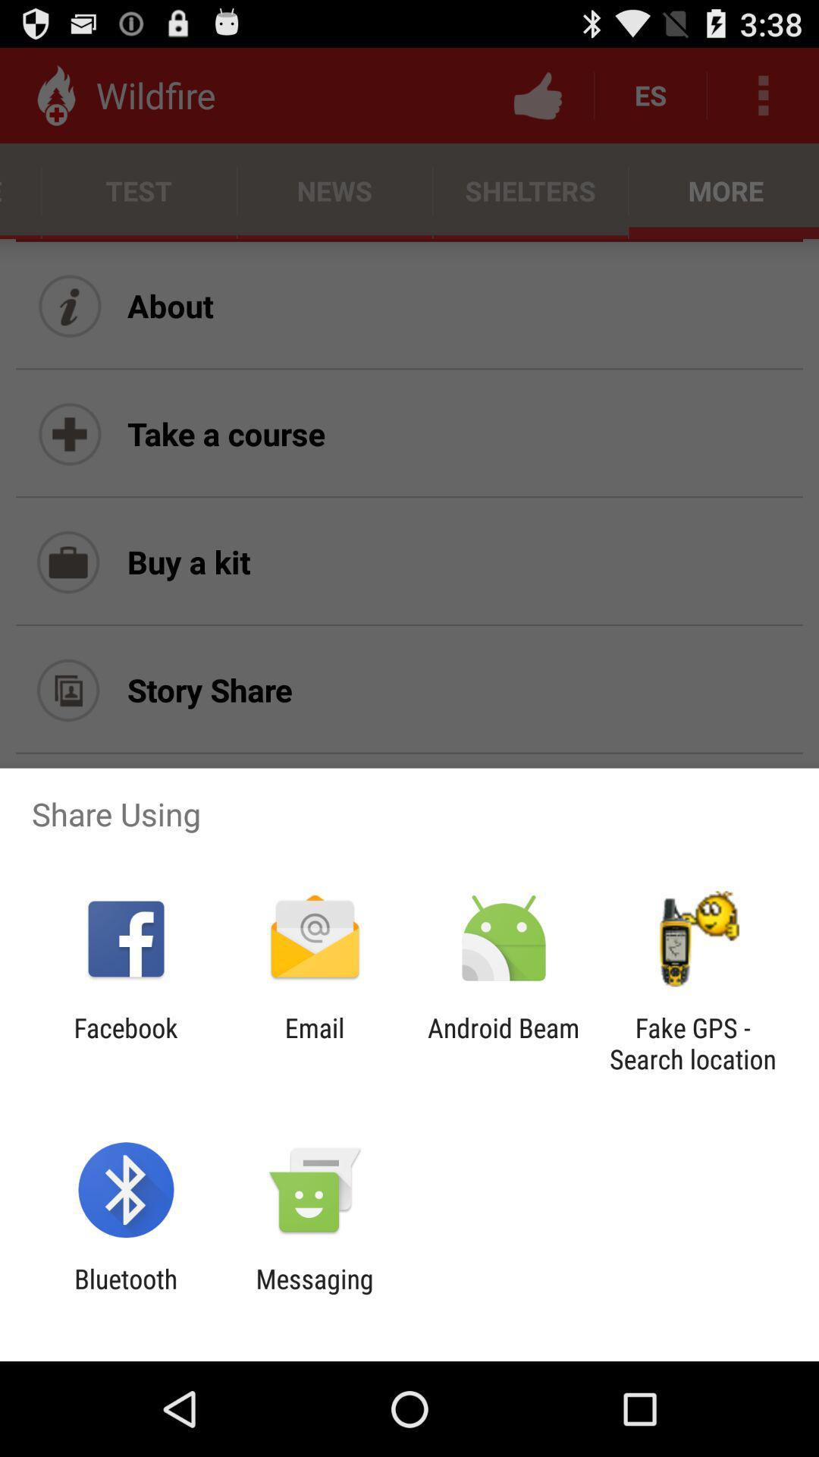 The image size is (819, 1457). What do you see at coordinates (504, 1043) in the screenshot?
I see `android beam` at bounding box center [504, 1043].